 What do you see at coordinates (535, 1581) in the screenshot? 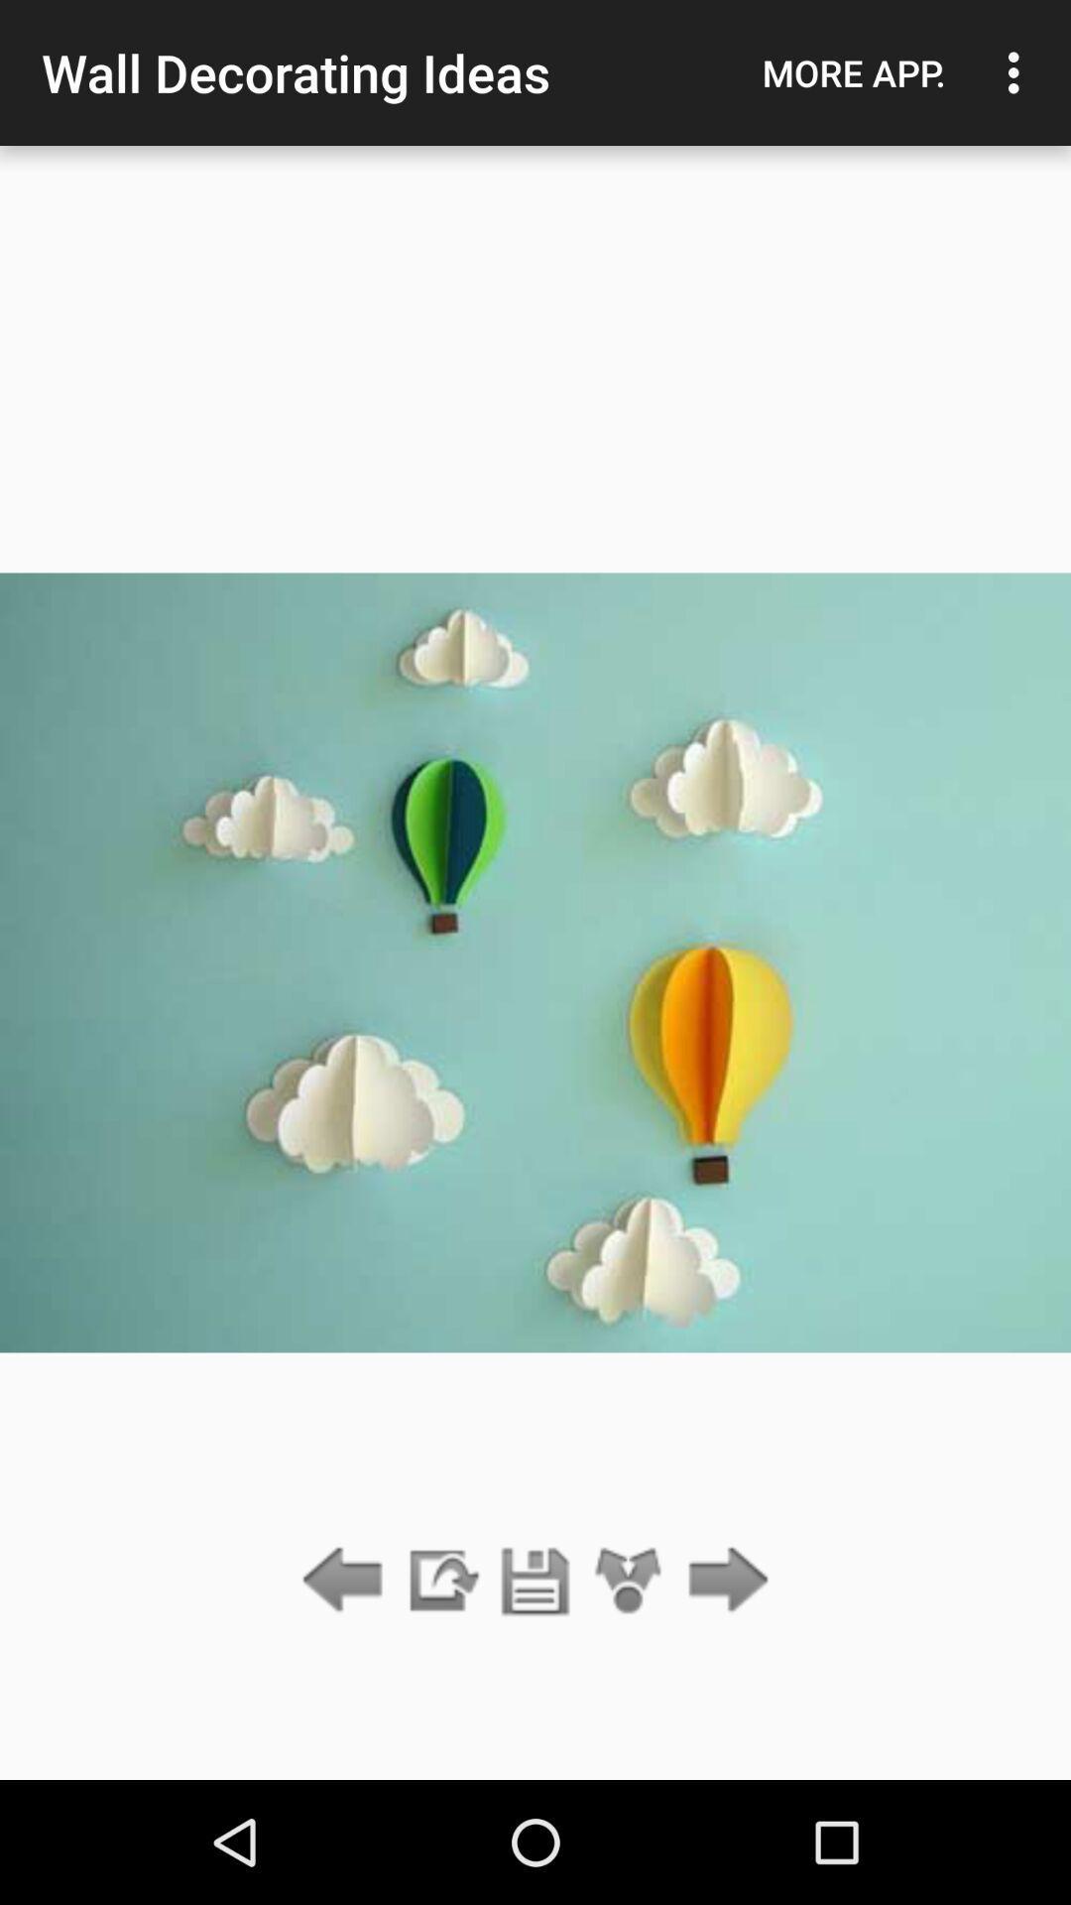
I see `app below the wall decorating ideas` at bounding box center [535, 1581].